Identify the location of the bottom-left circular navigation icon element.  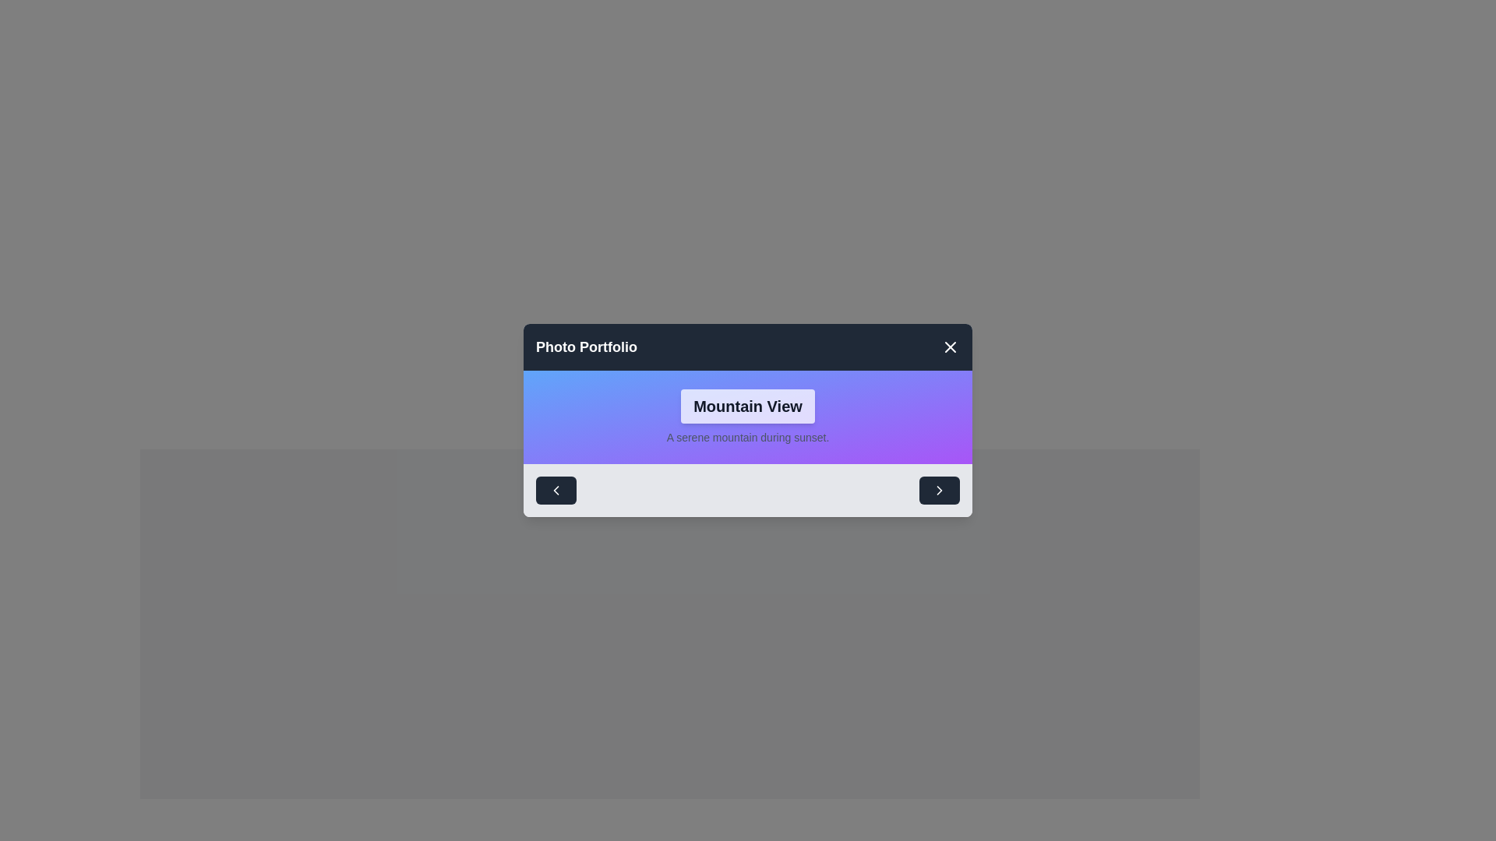
(556, 489).